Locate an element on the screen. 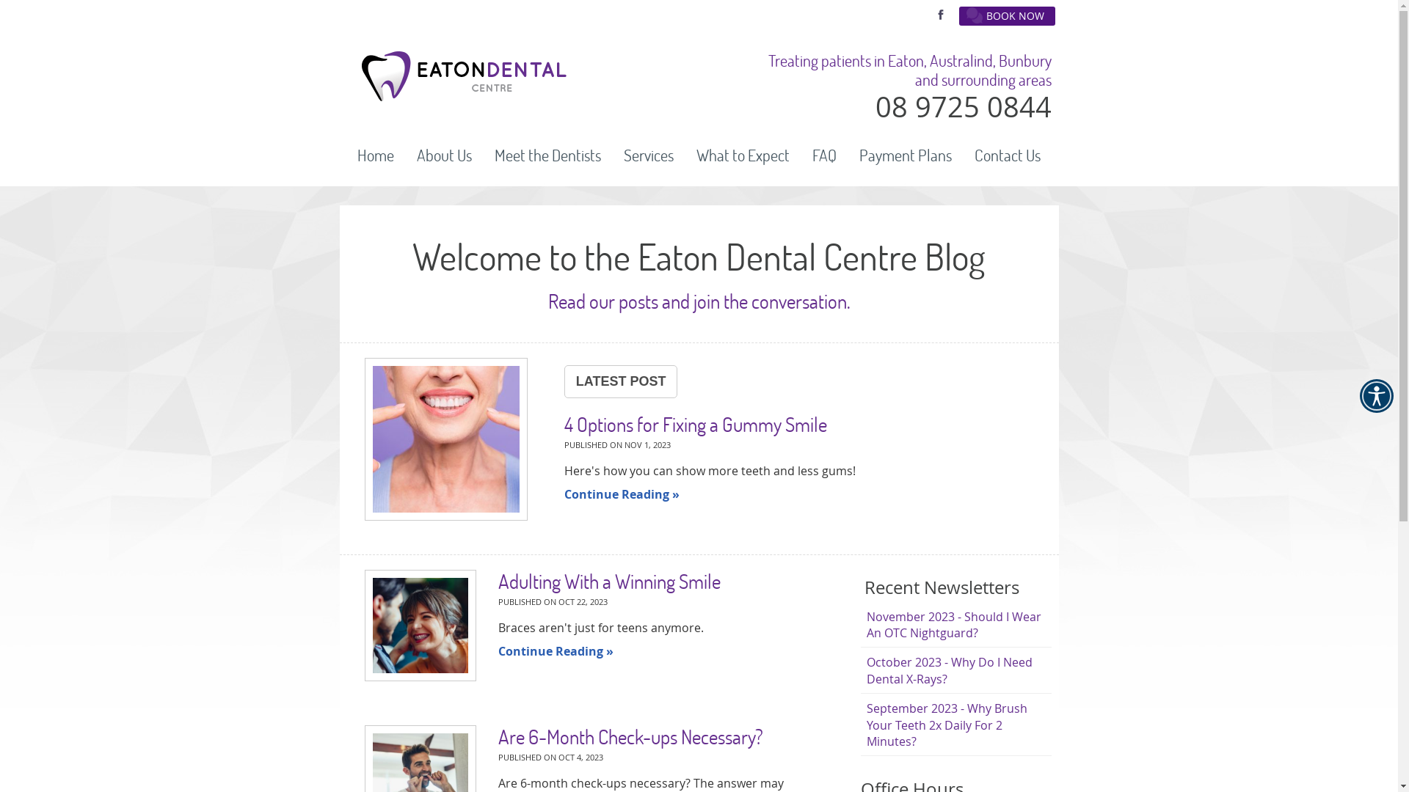  '4 Options for Fixing a Gummy Smile' is located at coordinates (445, 440).